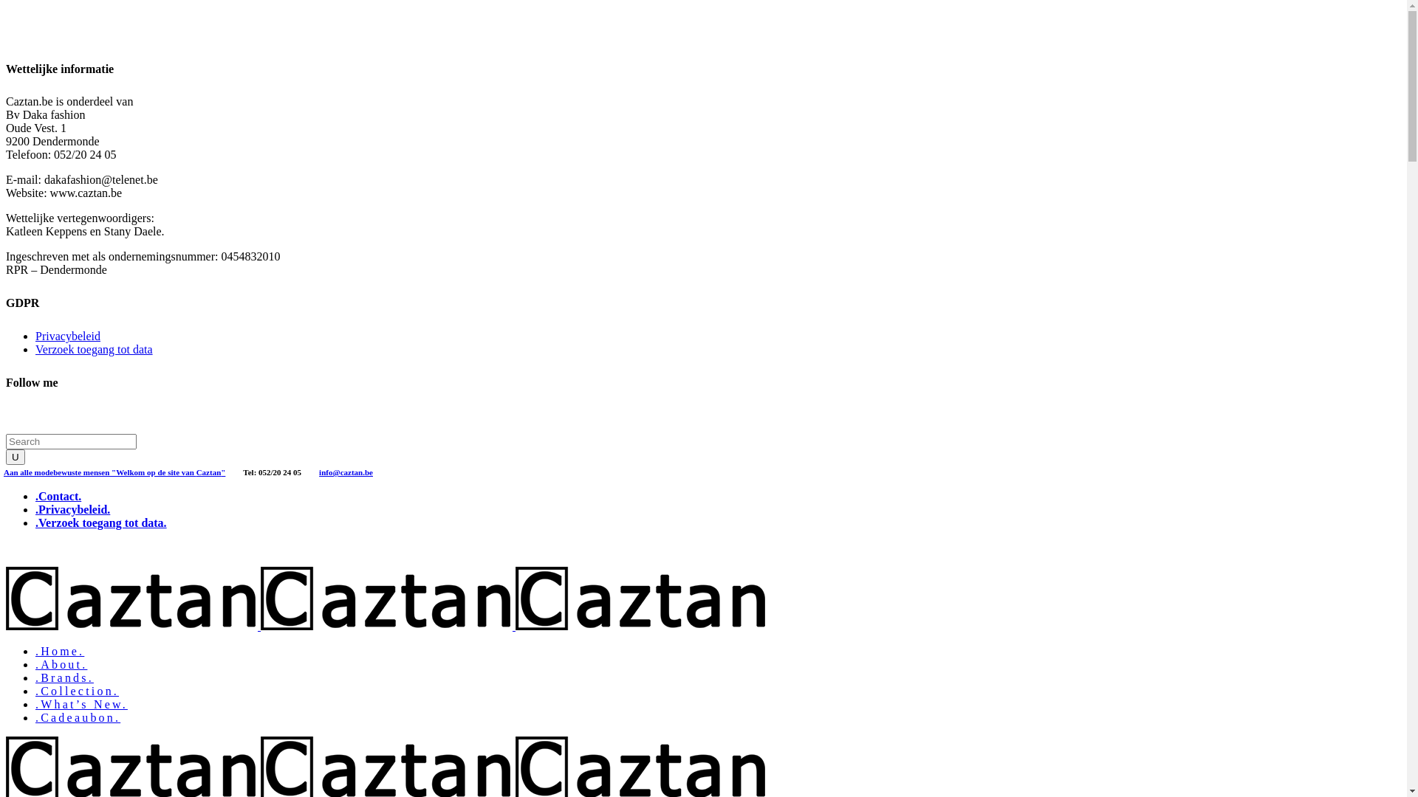 This screenshot has height=797, width=1418. What do you see at coordinates (64, 677) in the screenshot?
I see `'.Brands.'` at bounding box center [64, 677].